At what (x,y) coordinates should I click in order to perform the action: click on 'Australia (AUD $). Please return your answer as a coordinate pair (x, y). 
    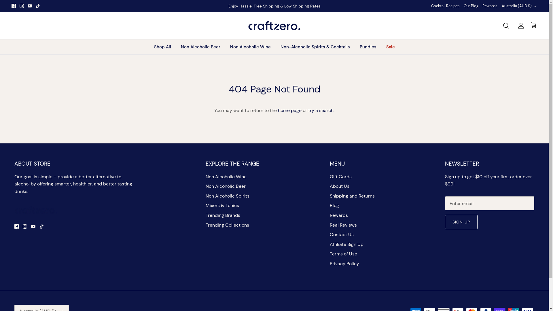
    Looking at the image, I should click on (519, 6).